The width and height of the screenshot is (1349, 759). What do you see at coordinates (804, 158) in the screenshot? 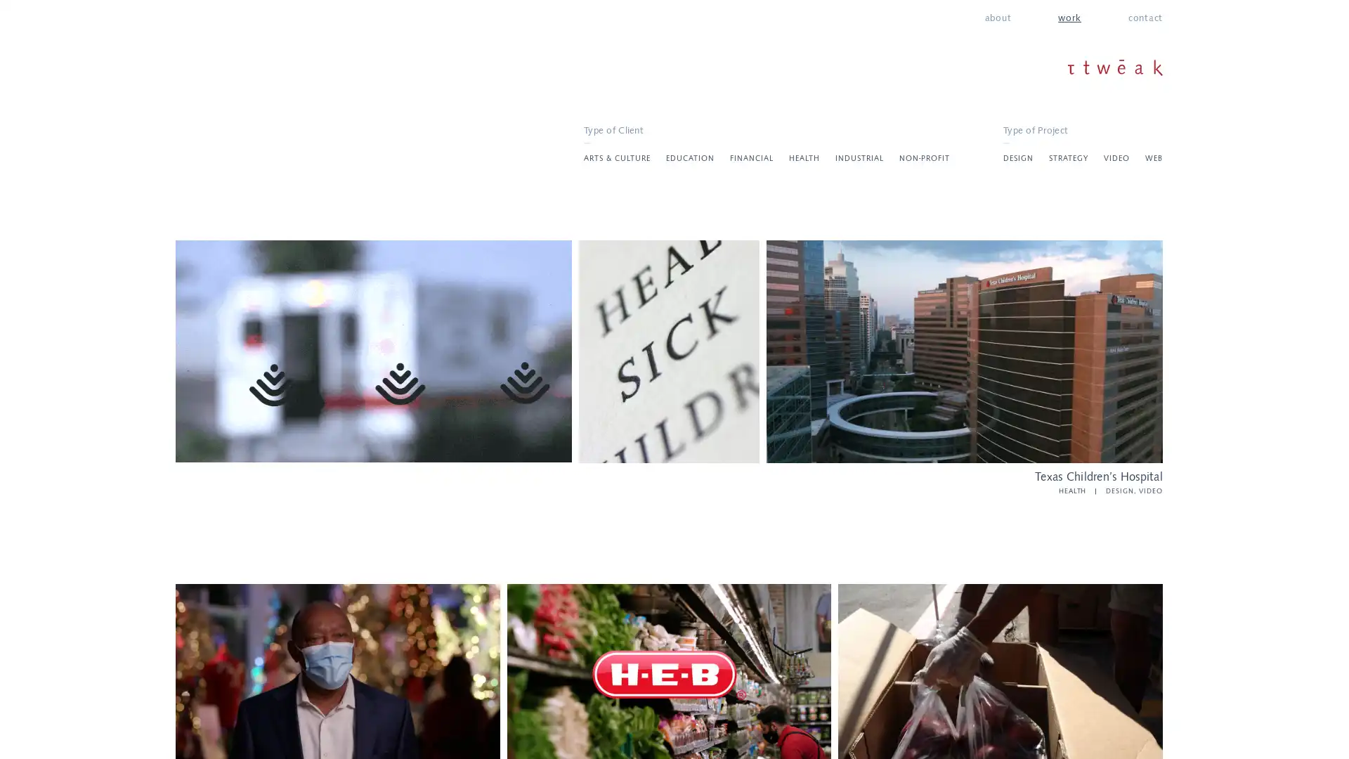
I see `HEALTH` at bounding box center [804, 158].